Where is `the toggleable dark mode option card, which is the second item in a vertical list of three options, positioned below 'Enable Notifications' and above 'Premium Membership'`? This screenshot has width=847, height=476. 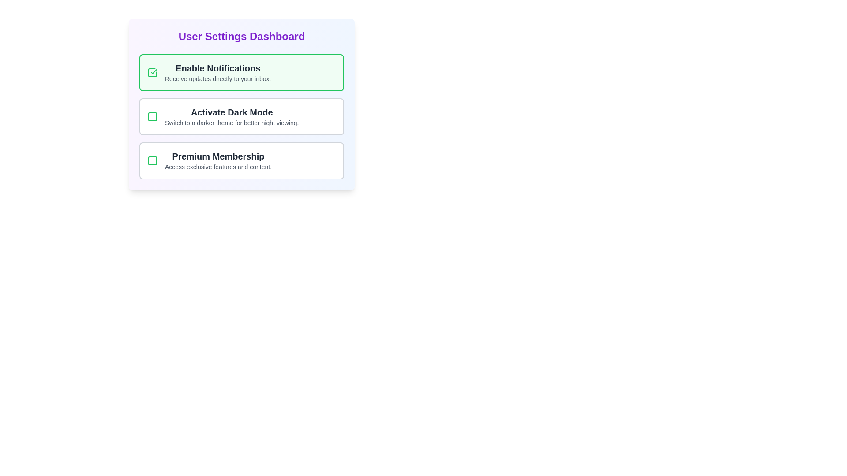 the toggleable dark mode option card, which is the second item in a vertical list of three options, positioned below 'Enable Notifications' and above 'Premium Membership' is located at coordinates (241, 116).